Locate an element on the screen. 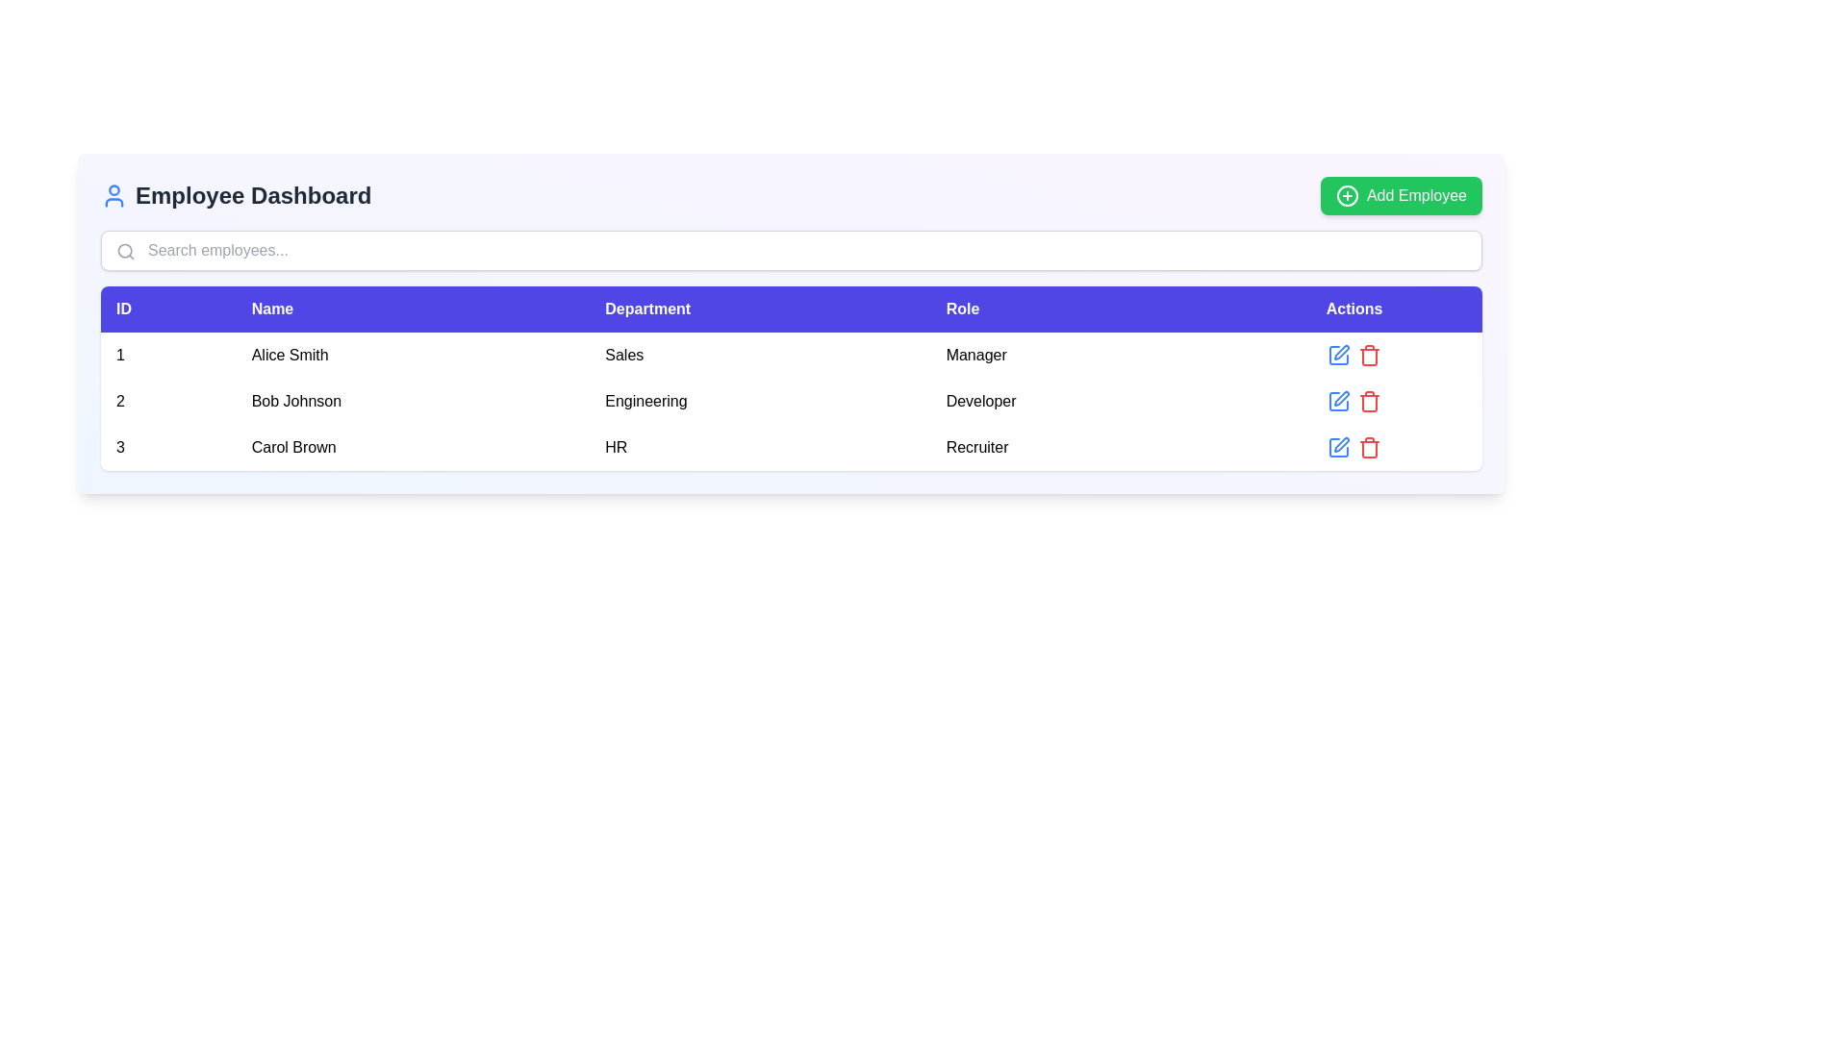  the bold text label displaying 'HR' in black, located in the third row of the table under the 'Department' column for accessibility is located at coordinates (759, 448).